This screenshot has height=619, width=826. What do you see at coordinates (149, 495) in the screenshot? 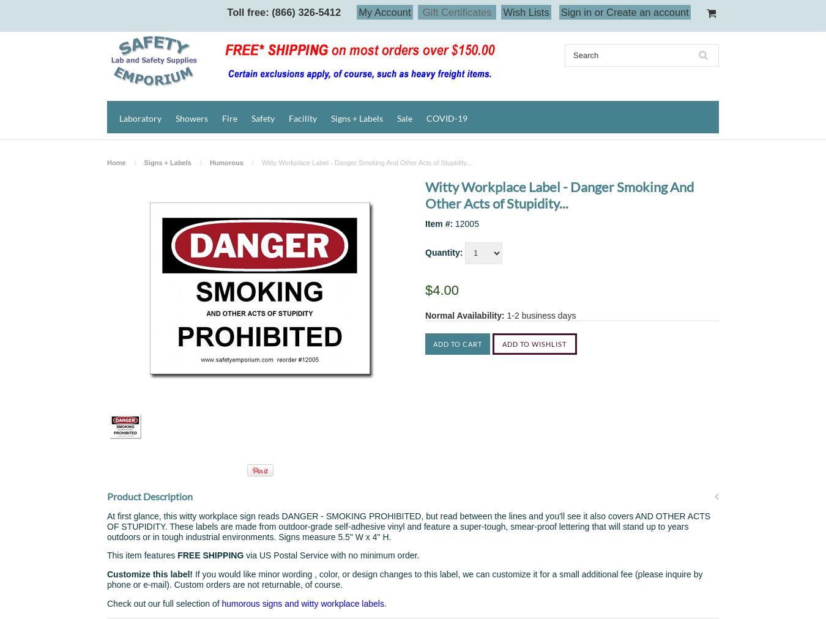
I see `'Product Description'` at bounding box center [149, 495].